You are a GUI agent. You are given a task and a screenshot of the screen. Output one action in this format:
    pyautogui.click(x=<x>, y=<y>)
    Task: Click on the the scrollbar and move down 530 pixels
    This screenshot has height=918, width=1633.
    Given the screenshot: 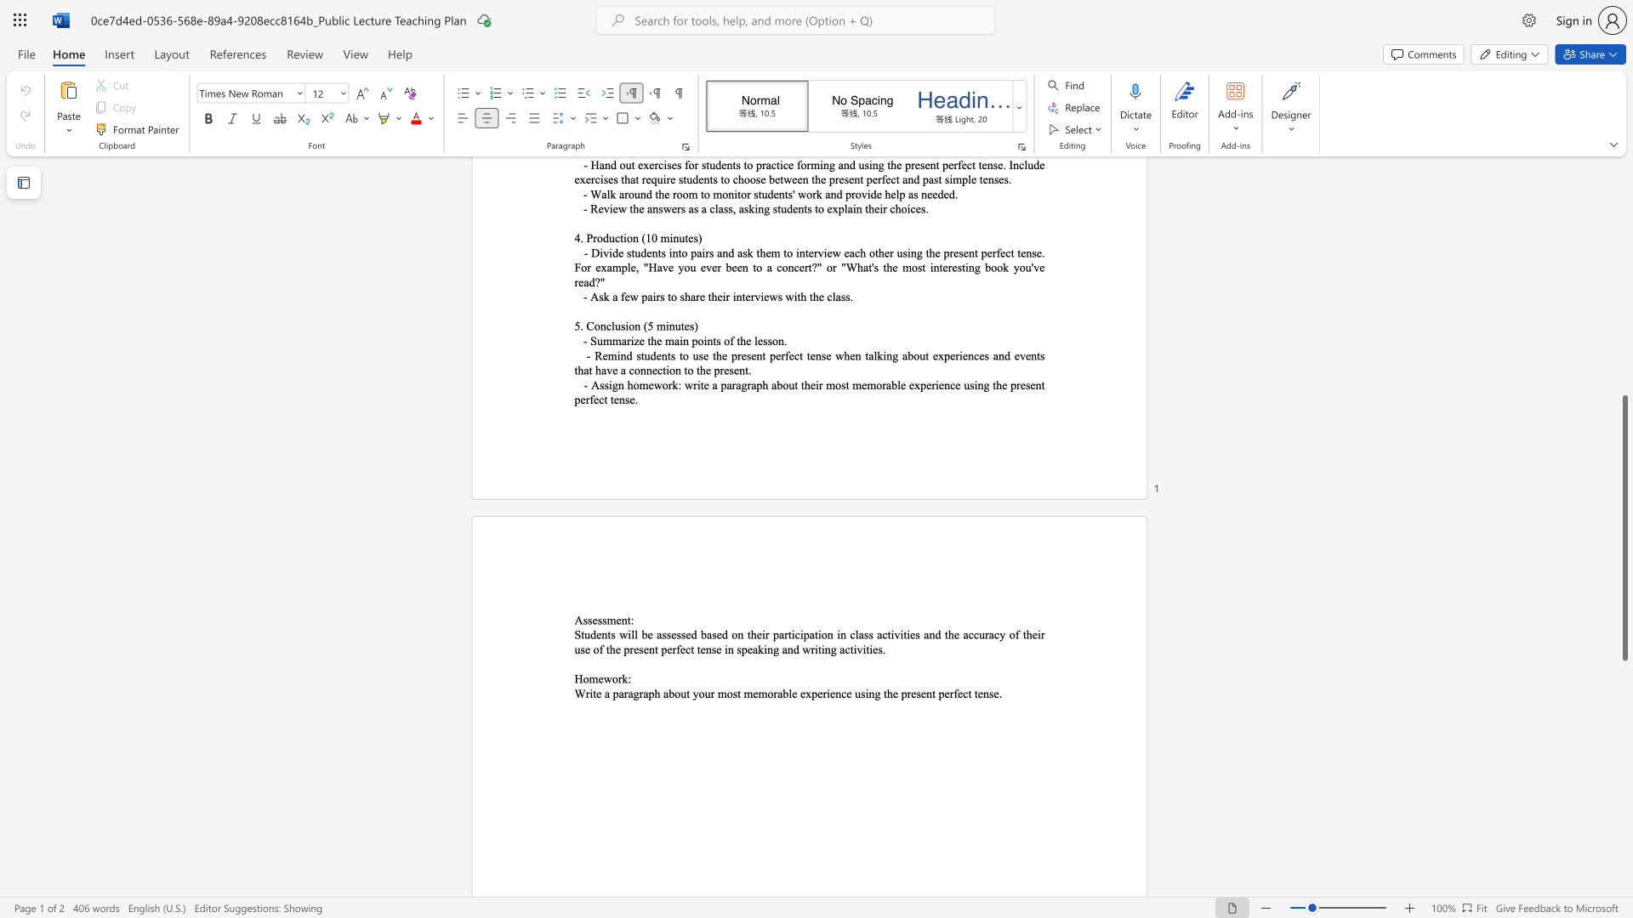 What is the action you would take?
    pyautogui.click(x=1624, y=527)
    